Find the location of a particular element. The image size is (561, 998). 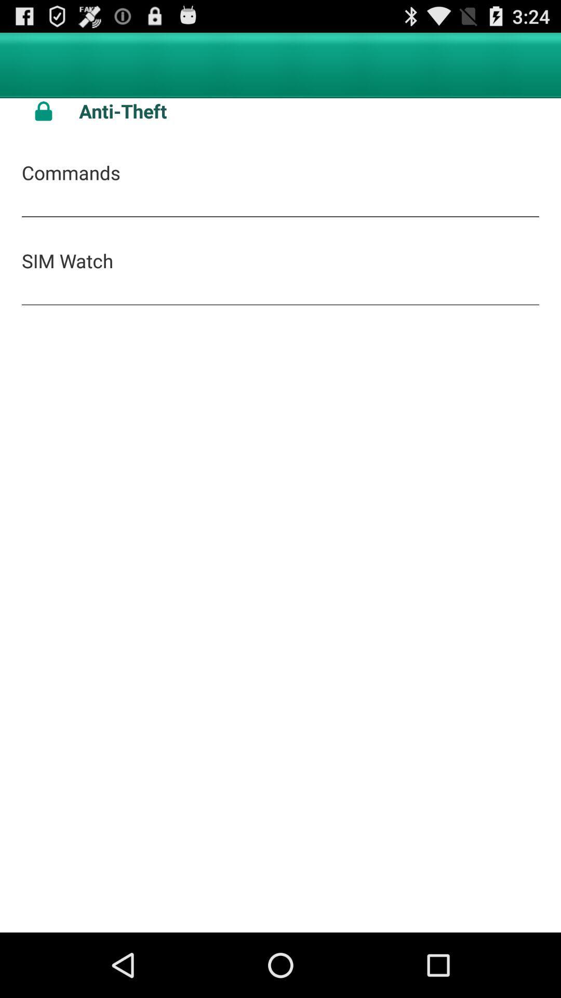

anti-theft is located at coordinates (309, 111).